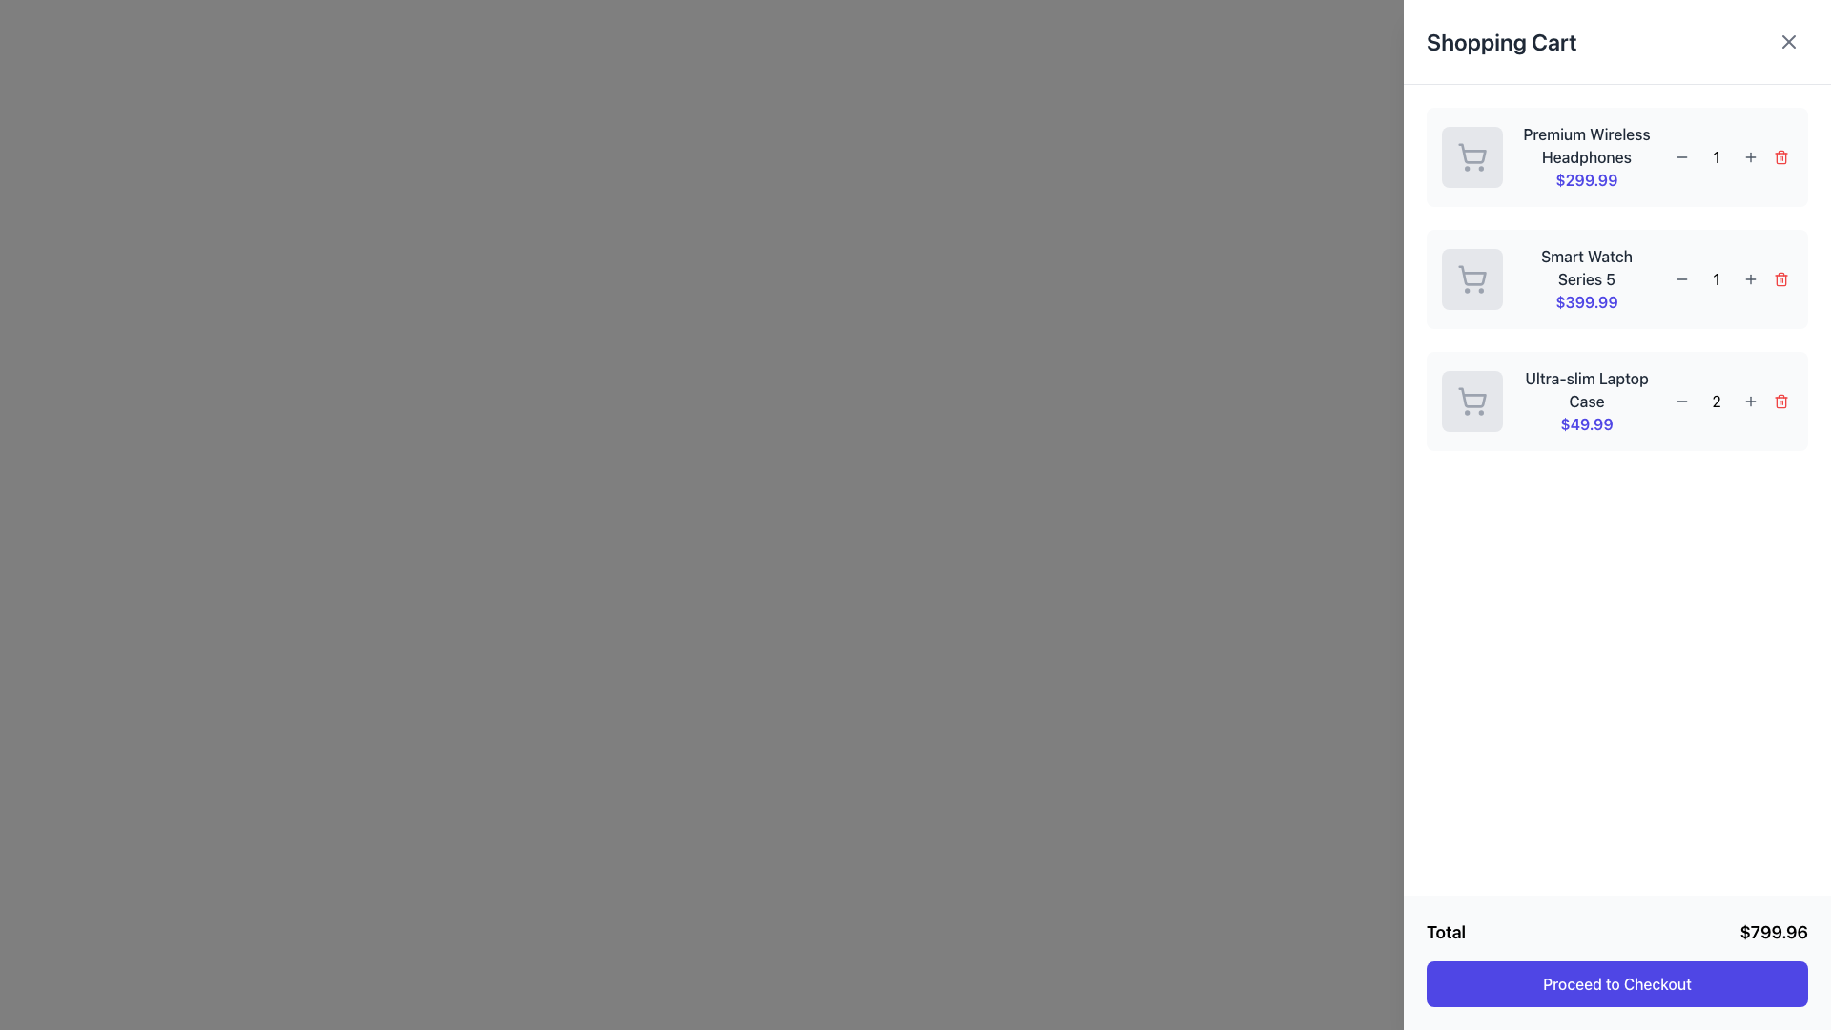 The image size is (1831, 1030). What do you see at coordinates (1615, 984) in the screenshot?
I see `the 'Proceed to Checkout' button, which is a rectangular button with a purple background and white text, located at the bottom of the shopping cart panel, below the total price display` at bounding box center [1615, 984].